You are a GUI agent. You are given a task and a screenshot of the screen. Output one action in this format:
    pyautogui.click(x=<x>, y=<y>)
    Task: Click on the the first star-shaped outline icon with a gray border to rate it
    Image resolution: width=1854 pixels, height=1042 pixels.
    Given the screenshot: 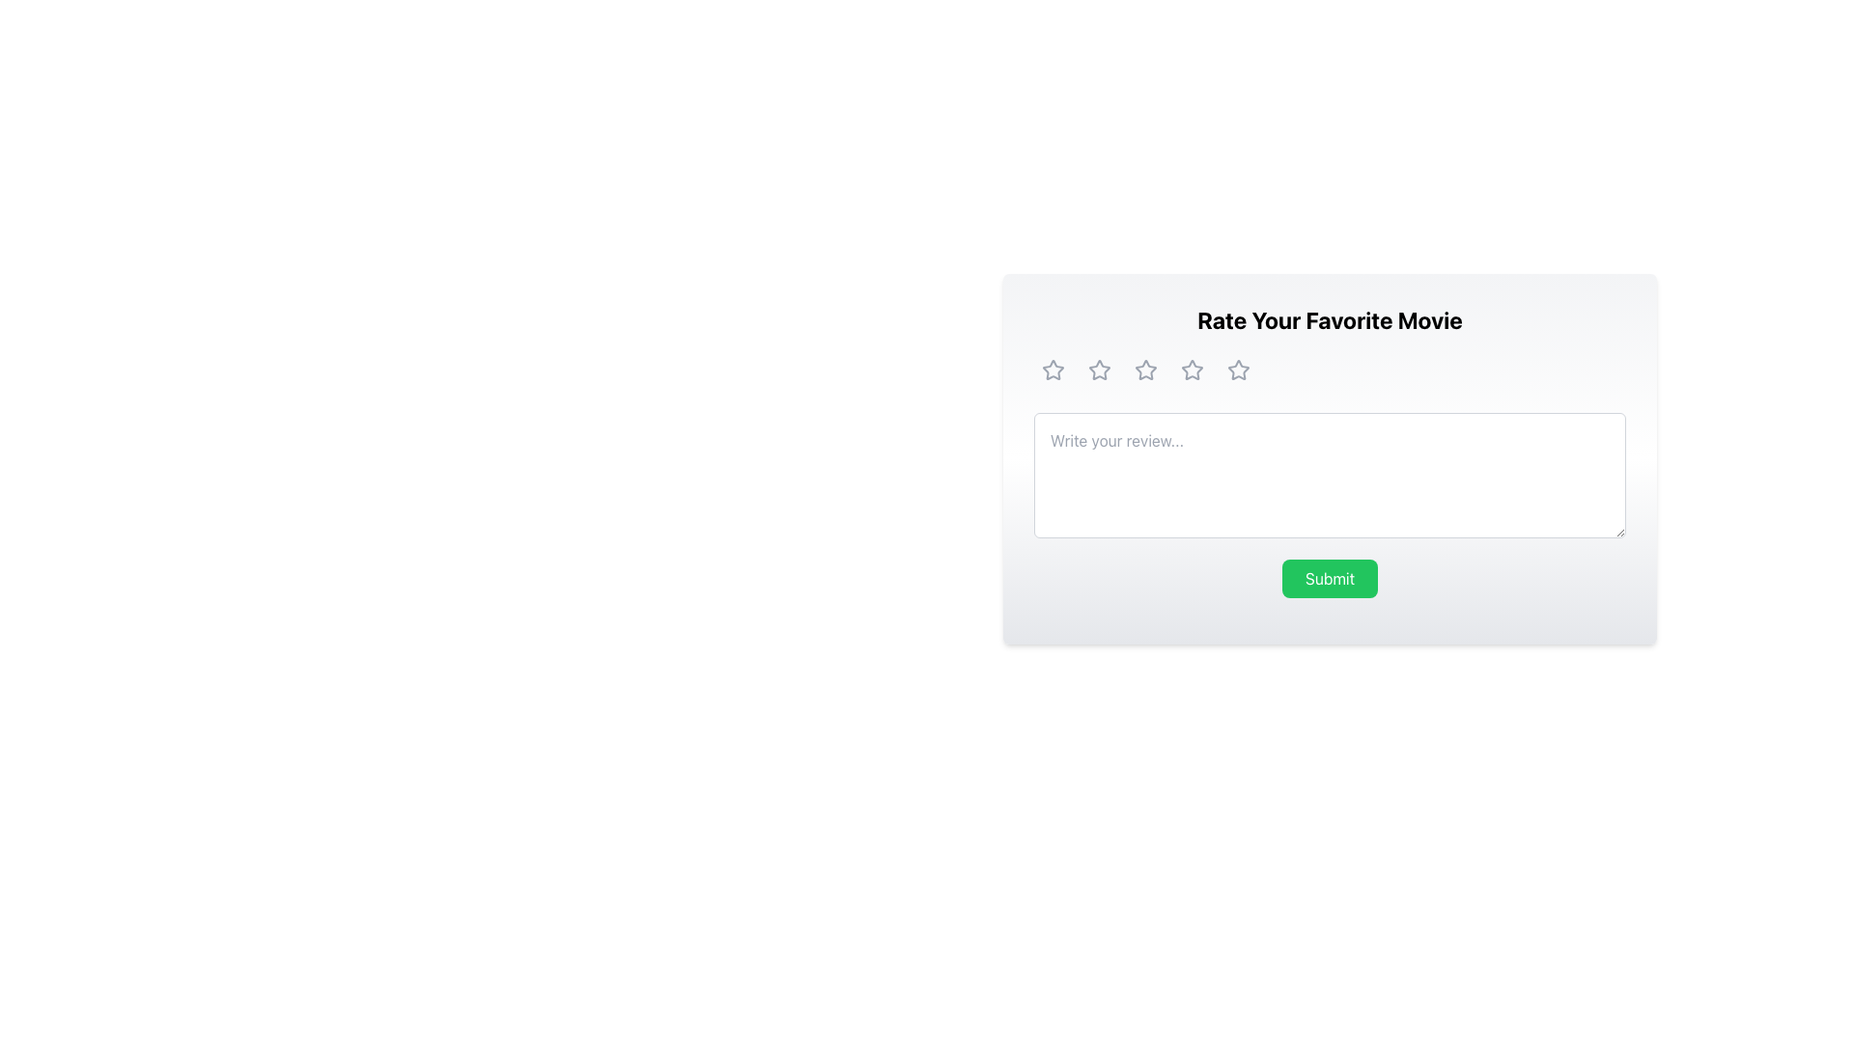 What is the action you would take?
    pyautogui.click(x=1052, y=370)
    